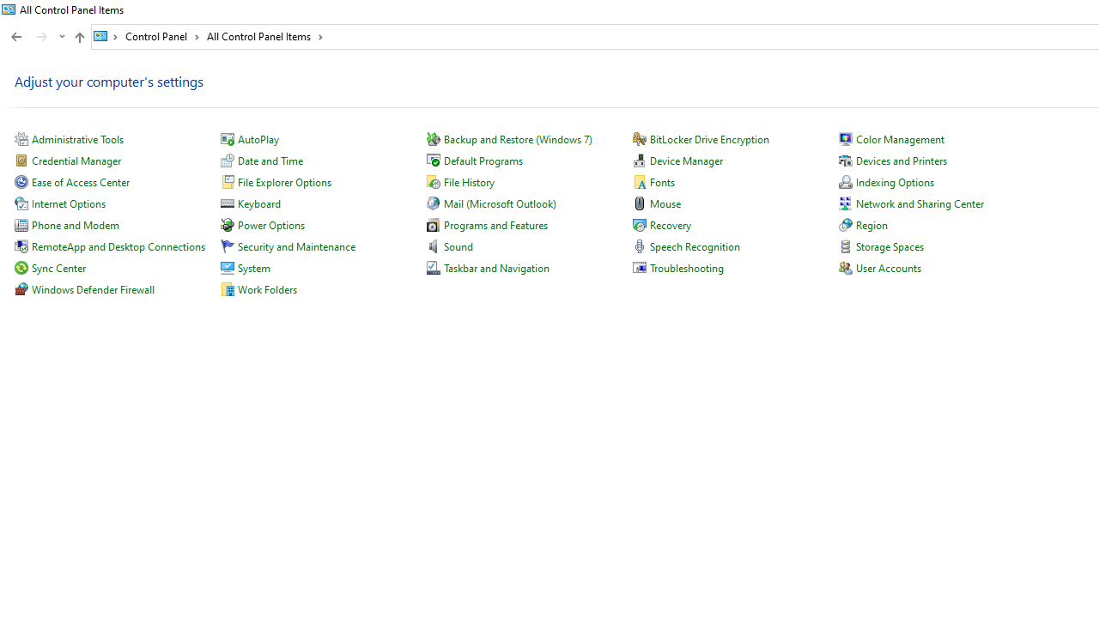 This screenshot has height=618, width=1099. What do you see at coordinates (75, 161) in the screenshot?
I see `'Credential Manager'` at bounding box center [75, 161].